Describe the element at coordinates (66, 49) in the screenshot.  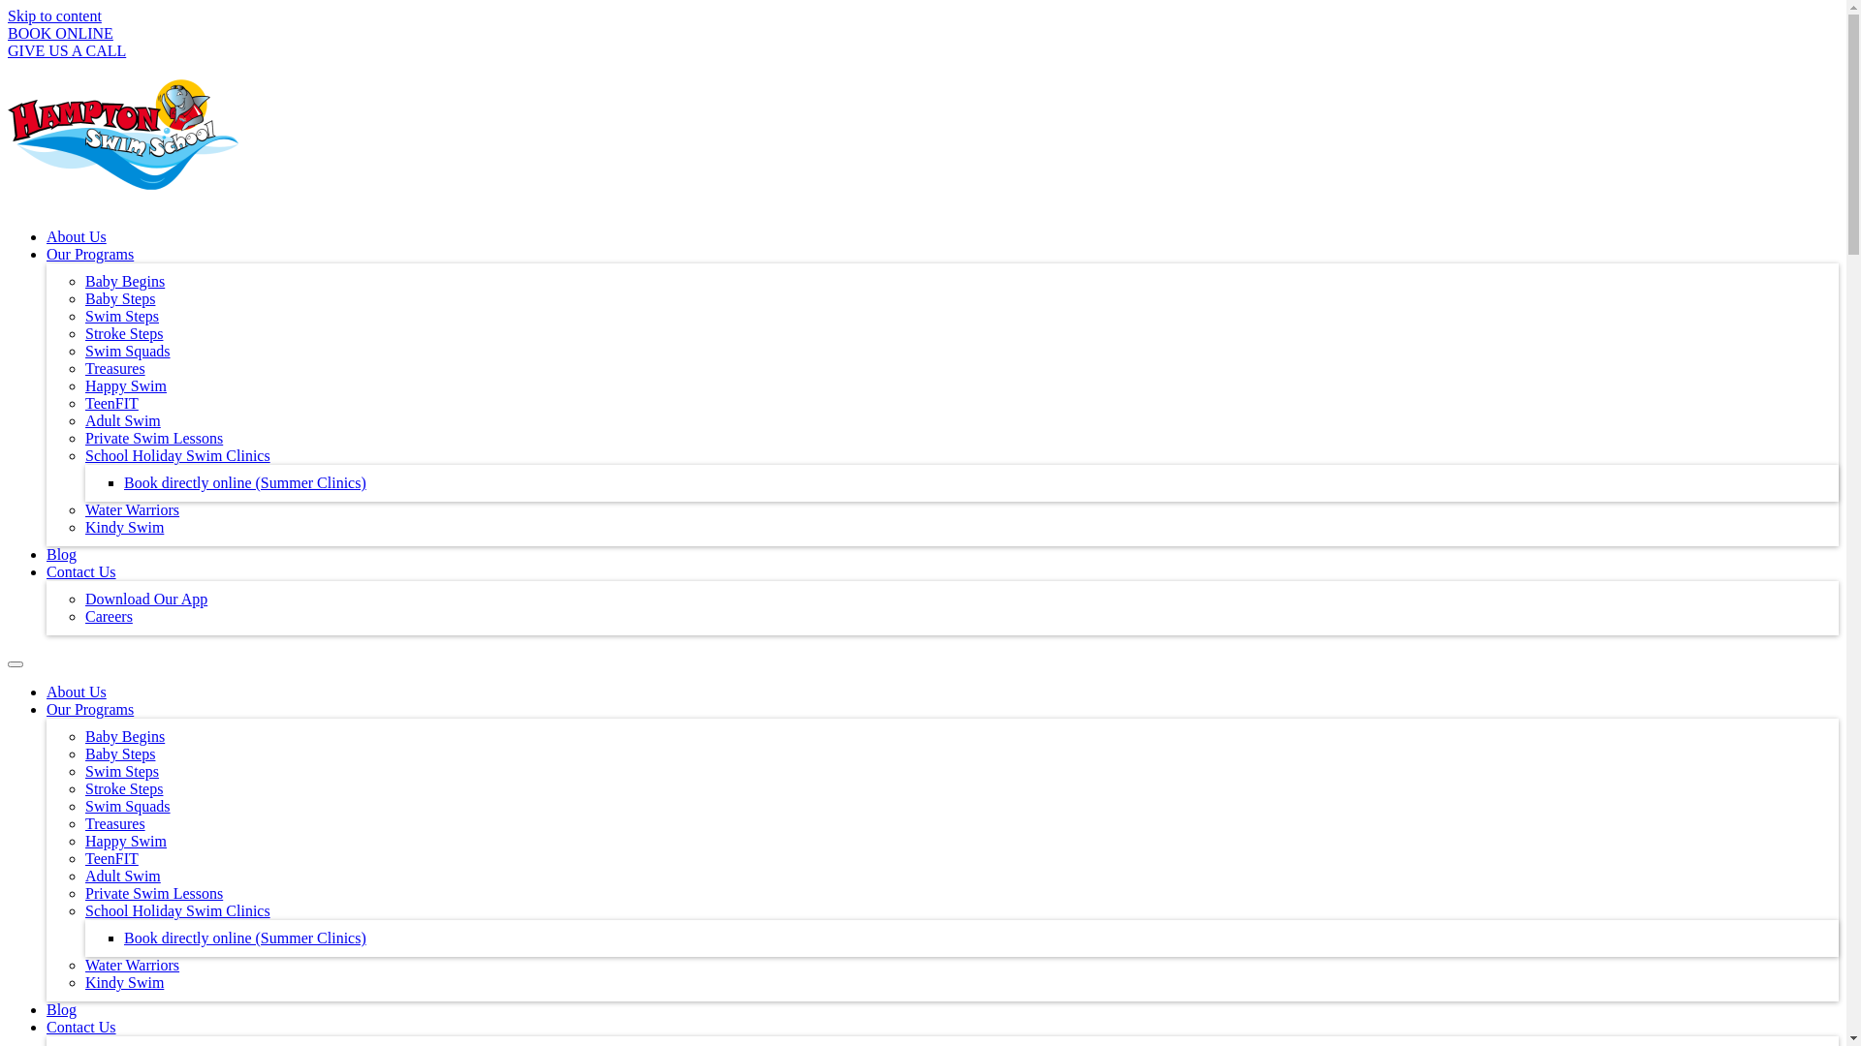
I see `'GIVE US A CALL'` at that location.